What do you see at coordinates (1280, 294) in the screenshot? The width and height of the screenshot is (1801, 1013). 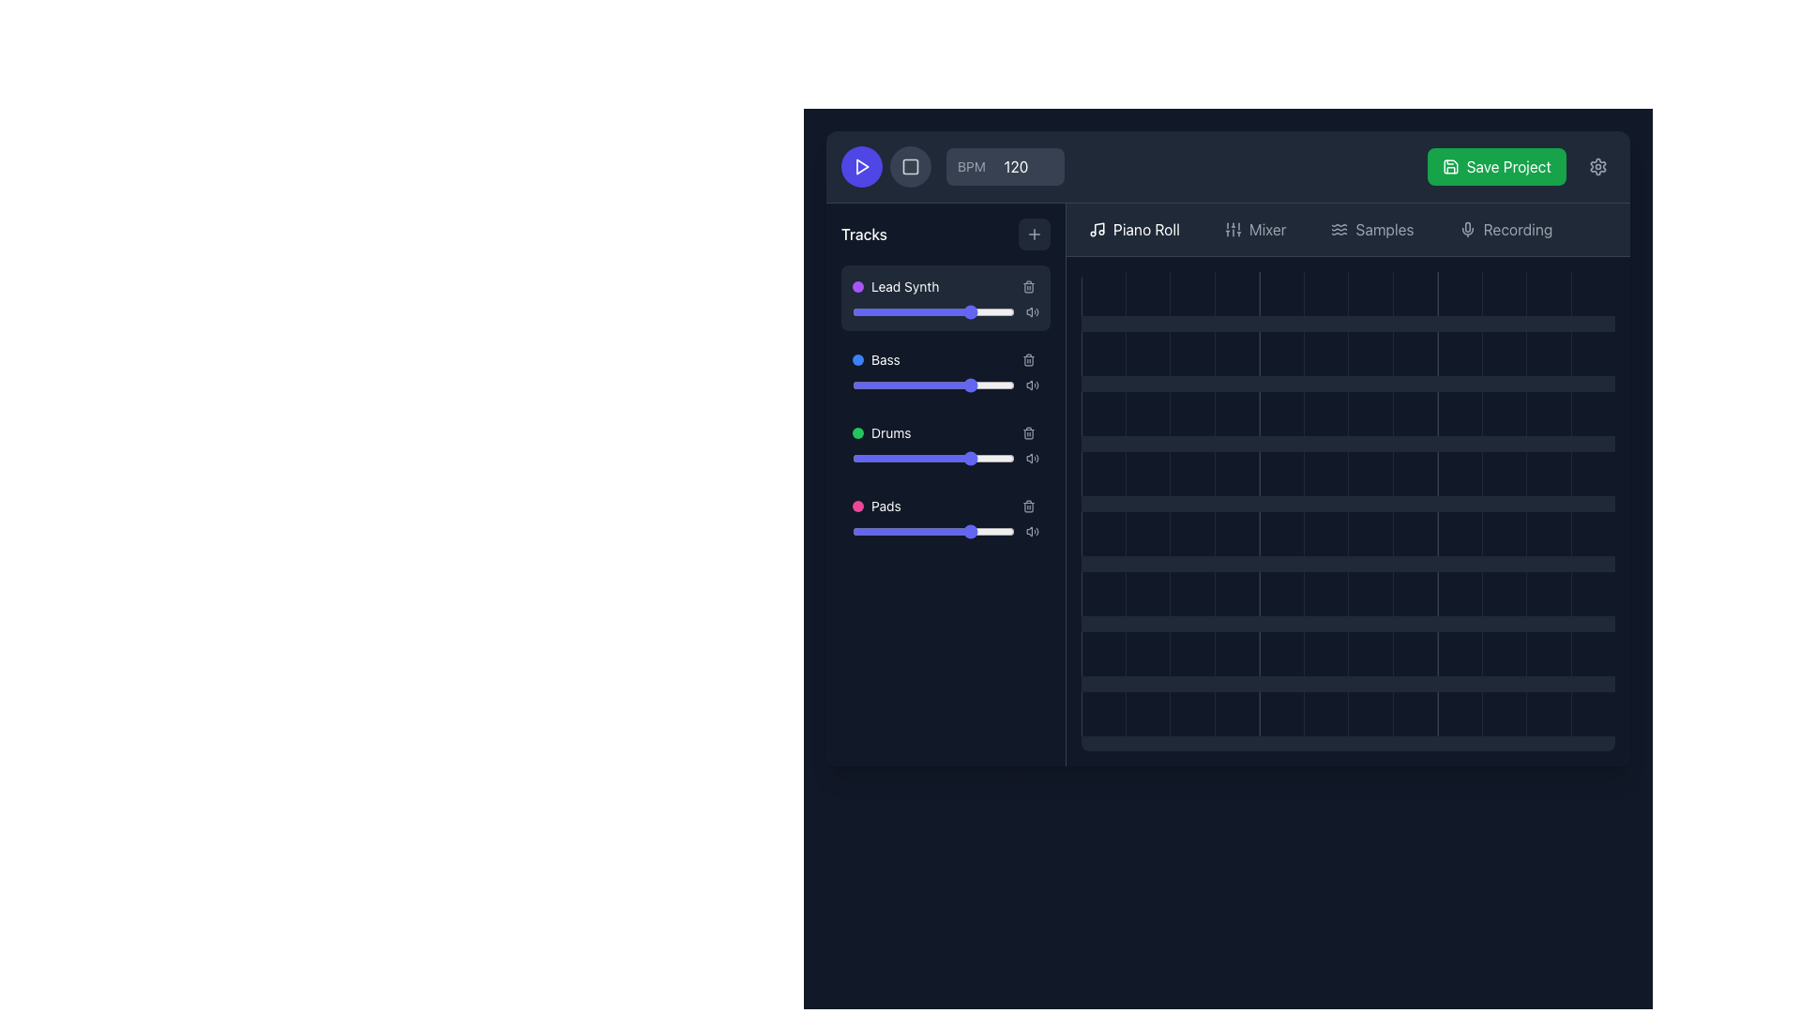 I see `the fifth square in the first row of the grid layout, which has a dark gray background and a faint left border` at bounding box center [1280, 294].